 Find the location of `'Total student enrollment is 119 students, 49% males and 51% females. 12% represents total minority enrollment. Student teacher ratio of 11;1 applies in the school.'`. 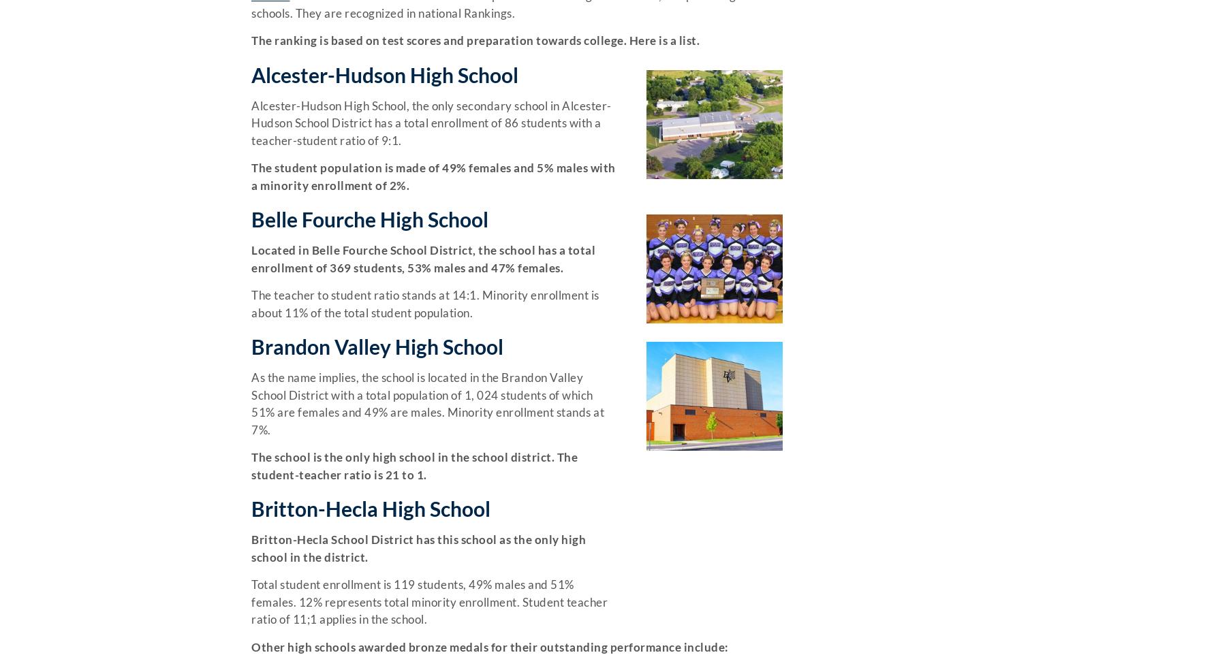

'Total student enrollment is 119 students, 49% males and 51% females. 12% represents total minority enrollment. Student teacher ratio of 11;1 applies in the school.' is located at coordinates (429, 601).